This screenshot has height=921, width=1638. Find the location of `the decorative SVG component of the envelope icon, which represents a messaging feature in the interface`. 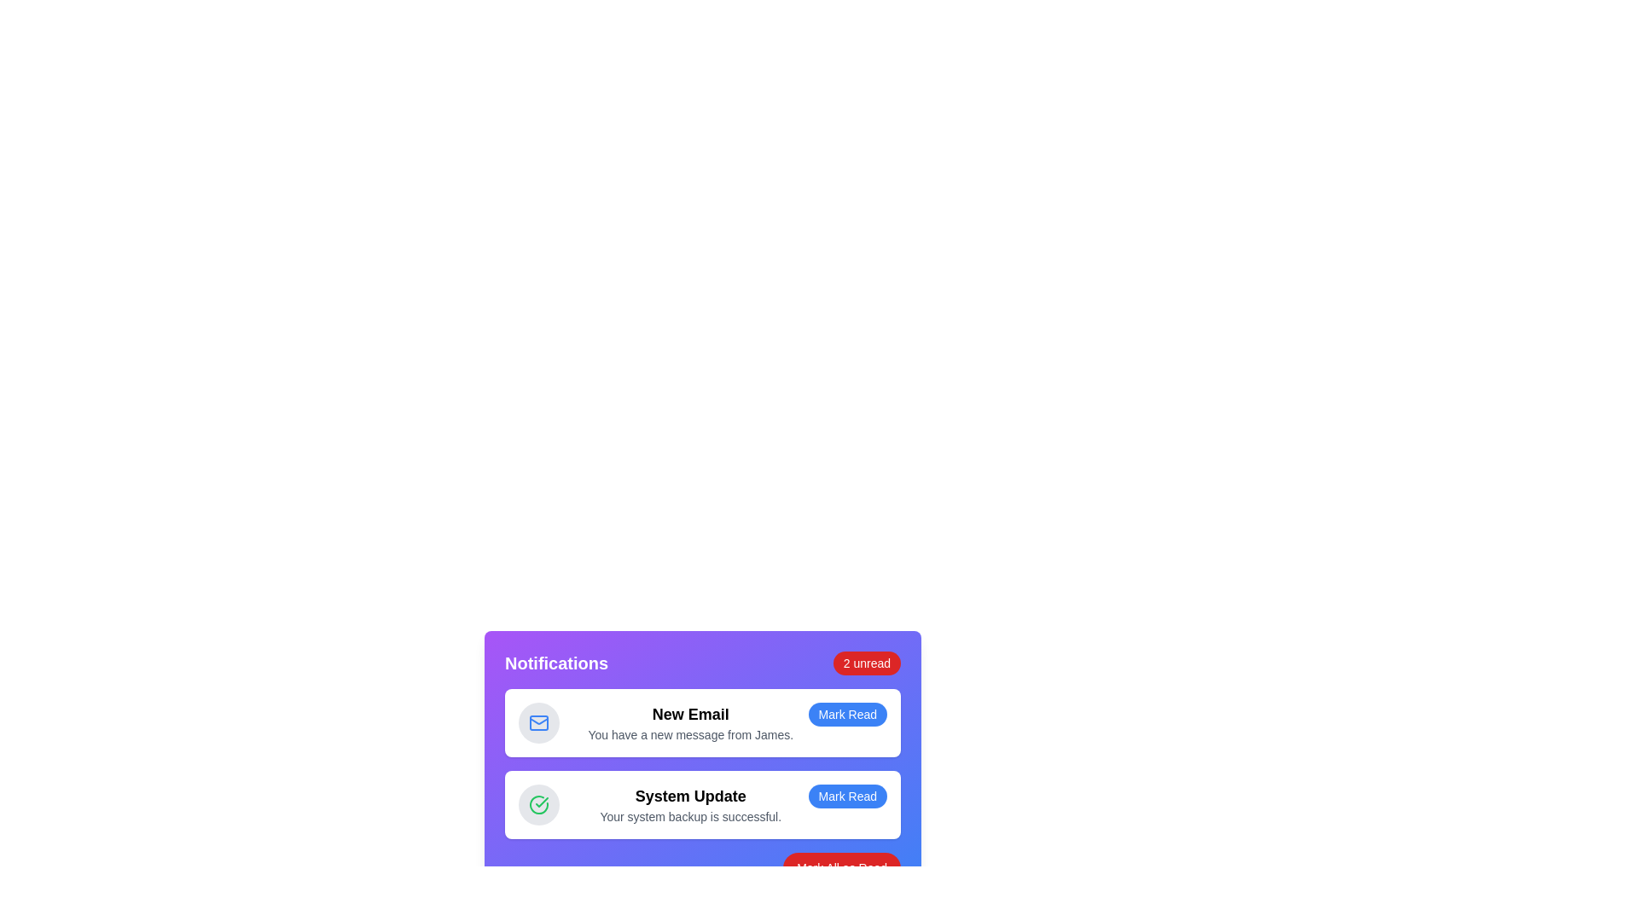

the decorative SVG component of the envelope icon, which represents a messaging feature in the interface is located at coordinates (538, 720).